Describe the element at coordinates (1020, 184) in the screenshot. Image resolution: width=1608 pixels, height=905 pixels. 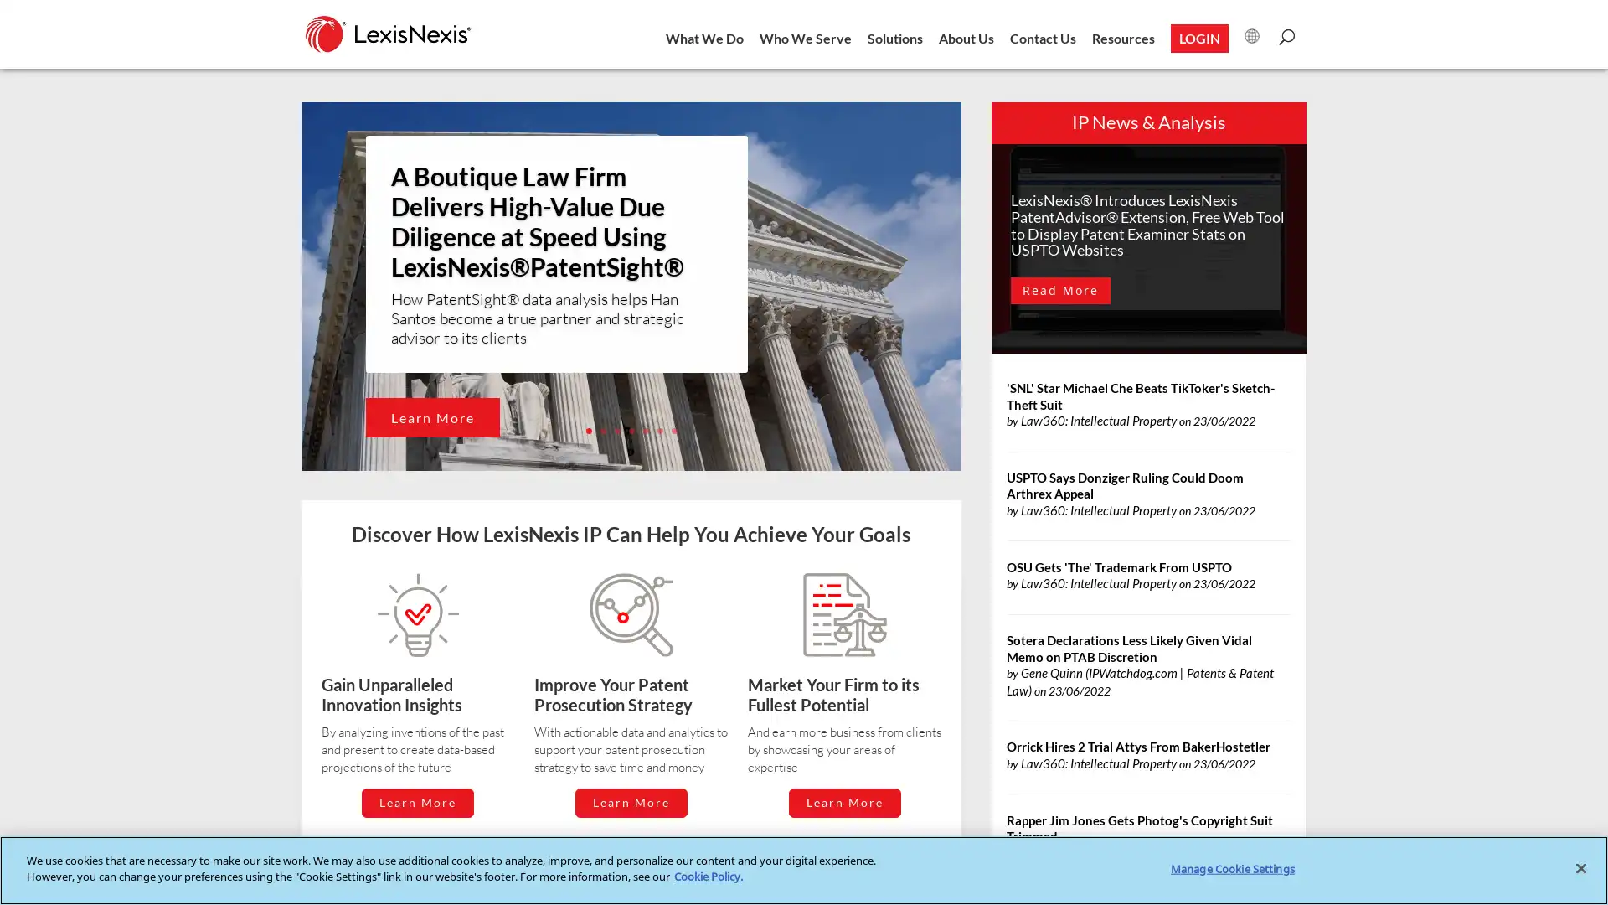
I see `Close` at that location.